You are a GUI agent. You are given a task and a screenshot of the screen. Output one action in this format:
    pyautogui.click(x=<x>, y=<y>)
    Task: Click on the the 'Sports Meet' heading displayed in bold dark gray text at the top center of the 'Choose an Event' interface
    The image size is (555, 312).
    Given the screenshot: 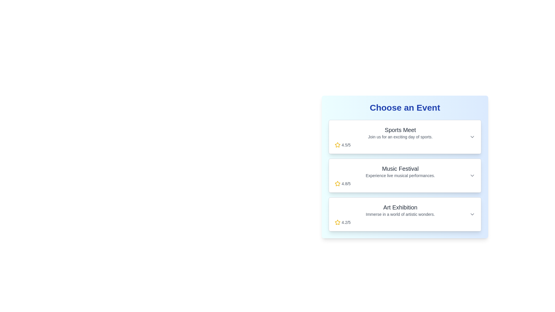 What is the action you would take?
    pyautogui.click(x=400, y=130)
    